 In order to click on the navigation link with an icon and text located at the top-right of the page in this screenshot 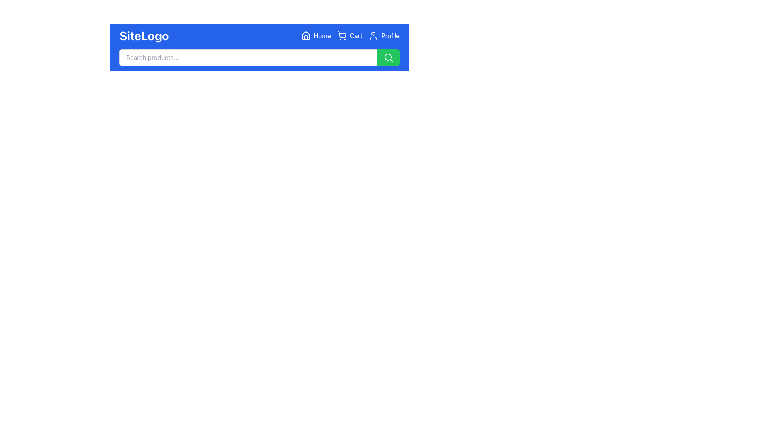, I will do `click(316, 35)`.